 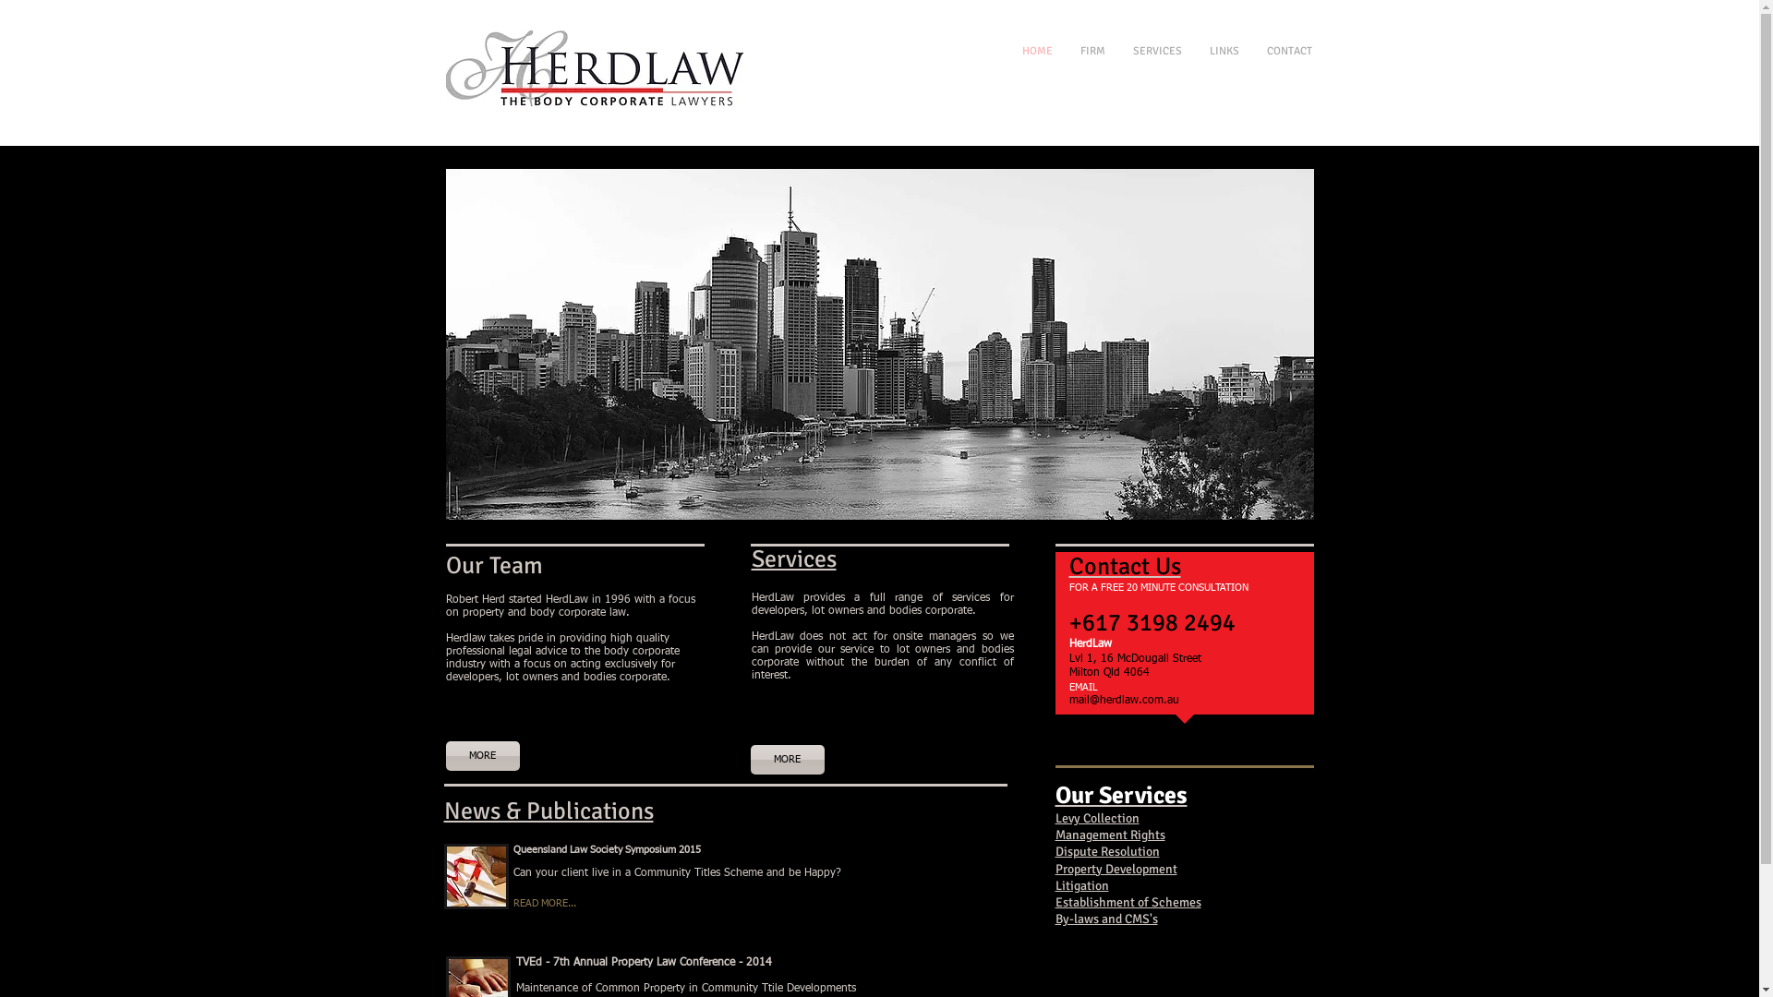 What do you see at coordinates (1106, 851) in the screenshot?
I see `'Dispute Resolution'` at bounding box center [1106, 851].